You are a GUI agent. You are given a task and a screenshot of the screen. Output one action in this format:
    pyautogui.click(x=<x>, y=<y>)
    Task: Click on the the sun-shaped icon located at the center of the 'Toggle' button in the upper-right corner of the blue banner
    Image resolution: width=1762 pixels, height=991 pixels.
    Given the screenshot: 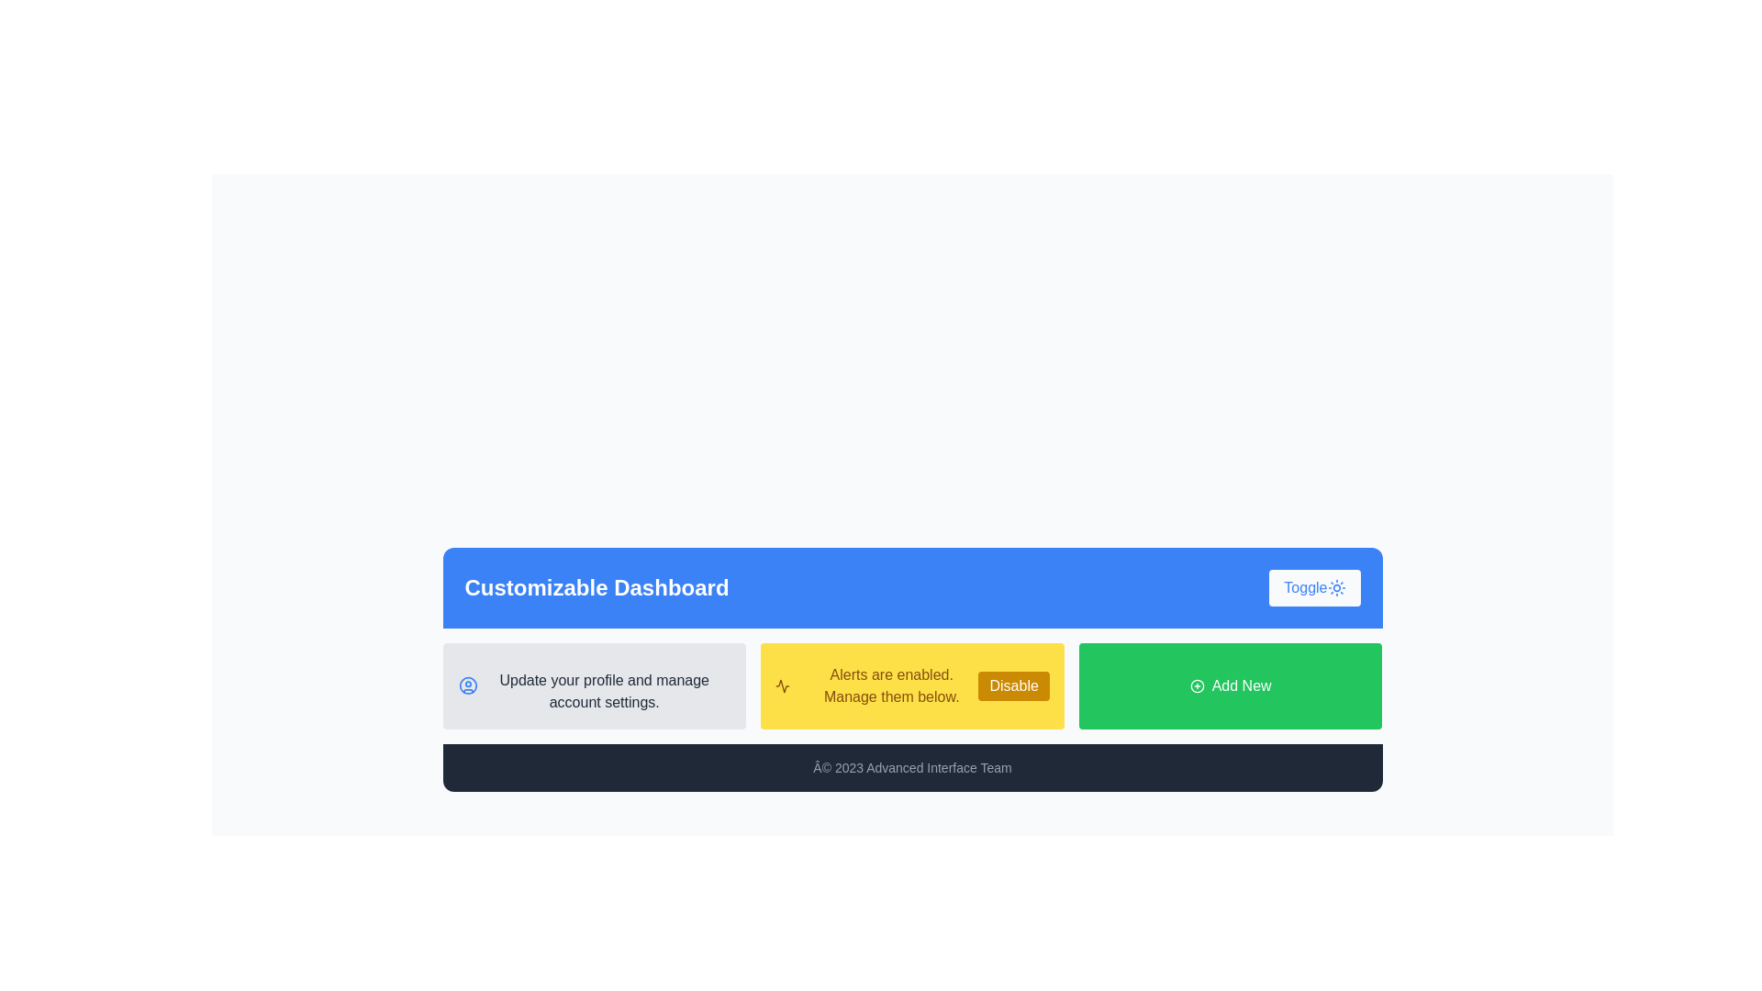 What is the action you would take?
    pyautogui.click(x=1336, y=587)
    